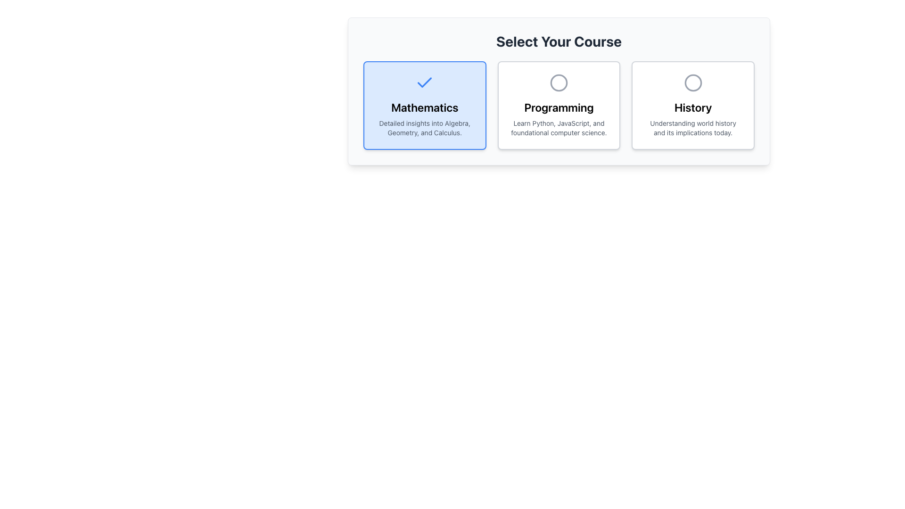 The height and width of the screenshot is (509, 905). Describe the element at coordinates (559, 82) in the screenshot. I see `the graphical icon circle located centrally within the programming course card, which indicates the course's selection status in the second card of the three presented horizontally` at that location.